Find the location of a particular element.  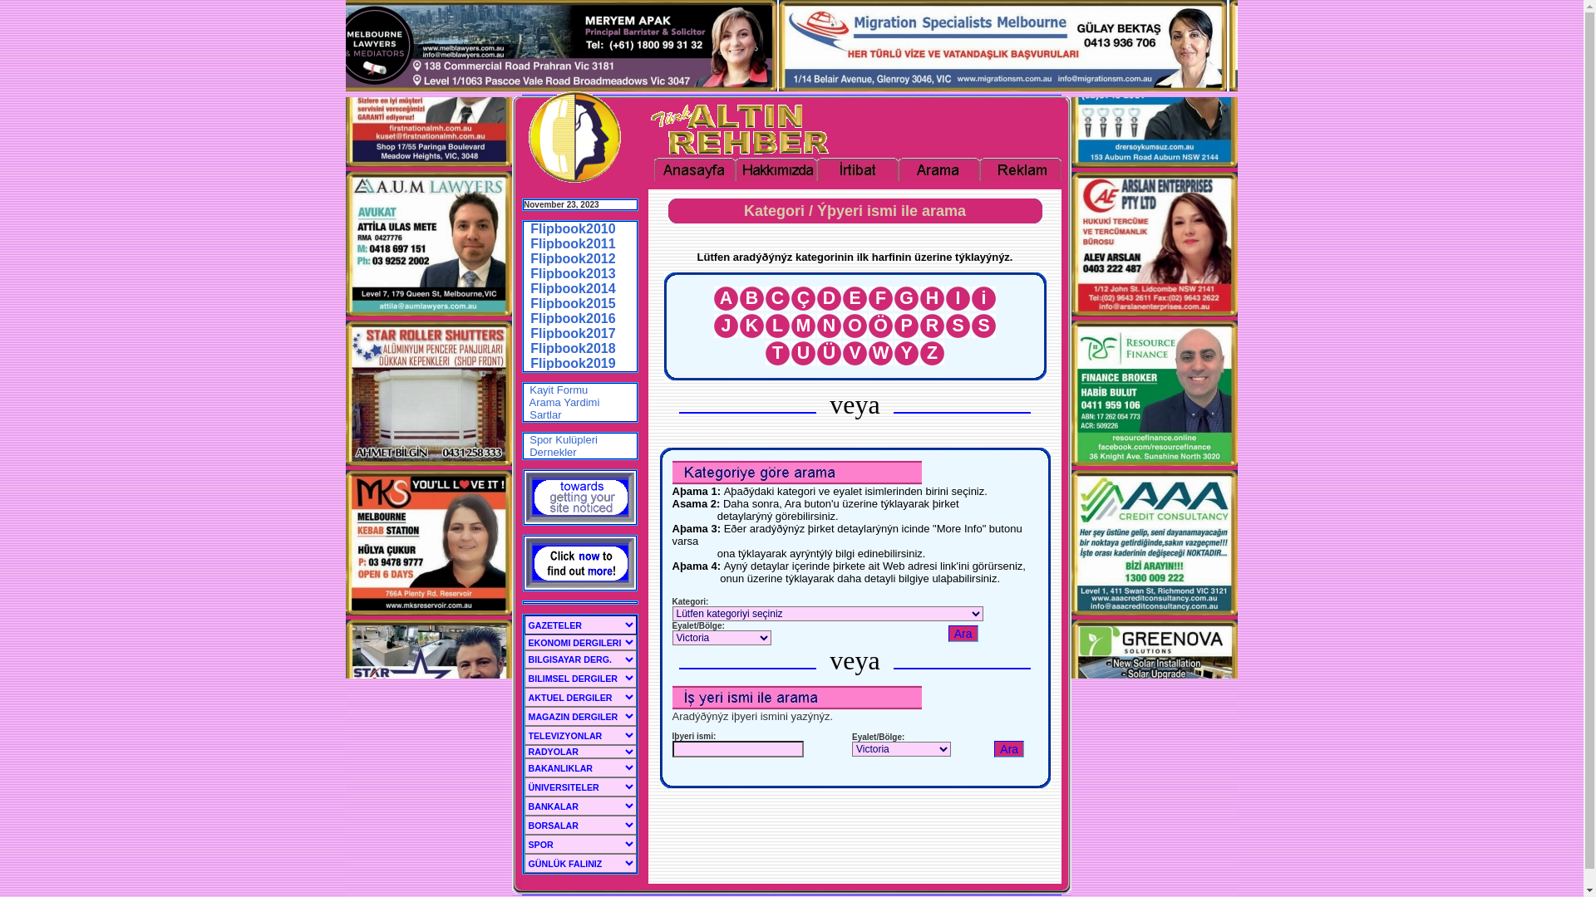

'G' is located at coordinates (905, 301).